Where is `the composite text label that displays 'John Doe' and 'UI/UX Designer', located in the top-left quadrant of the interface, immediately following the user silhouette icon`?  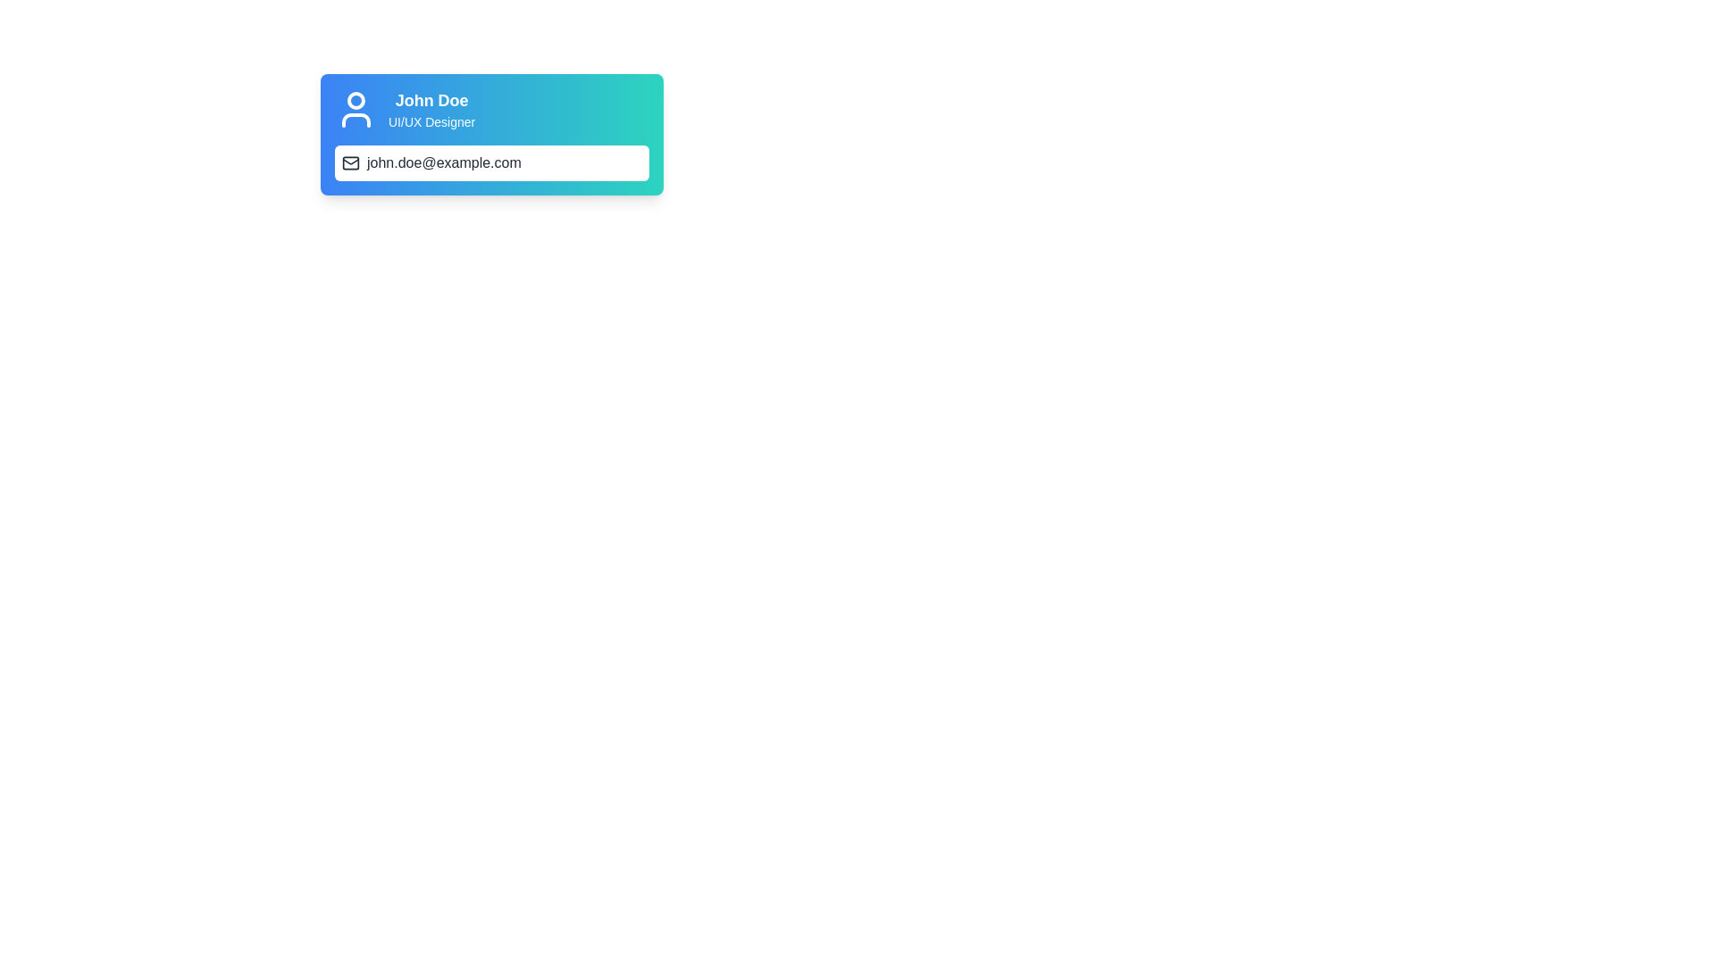
the composite text label that displays 'John Doe' and 'UI/UX Designer', located in the top-left quadrant of the interface, immediately following the user silhouette icon is located at coordinates (431, 110).